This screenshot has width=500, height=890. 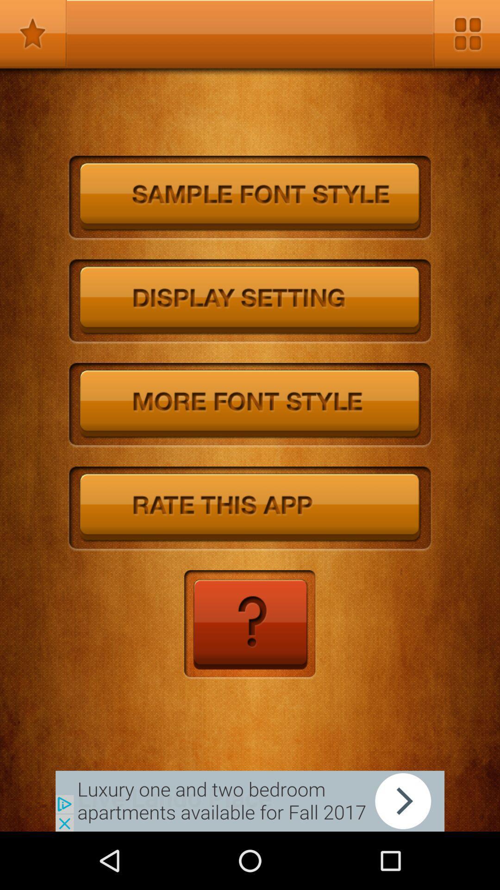 What do you see at coordinates (250, 302) in the screenshot?
I see `open display setting` at bounding box center [250, 302].